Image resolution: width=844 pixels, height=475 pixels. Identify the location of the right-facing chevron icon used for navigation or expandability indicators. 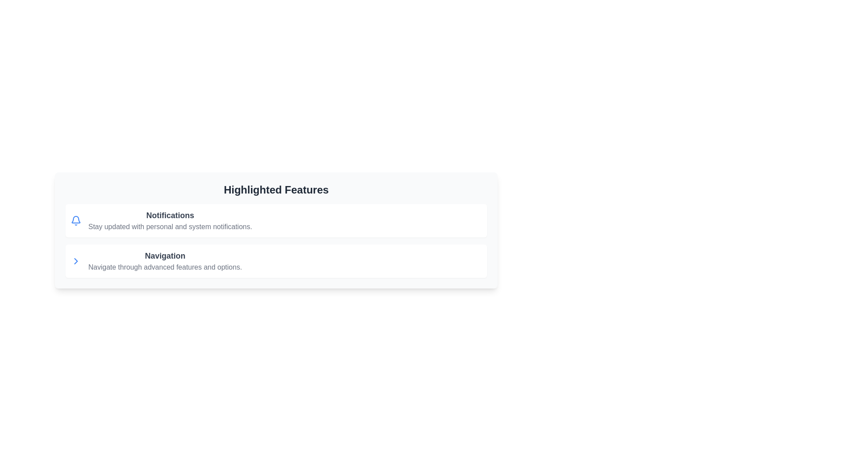
(76, 261).